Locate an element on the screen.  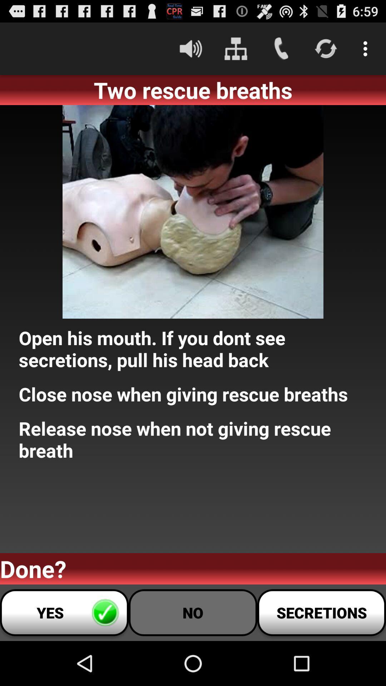
the icon next to yes button is located at coordinates (193, 612).